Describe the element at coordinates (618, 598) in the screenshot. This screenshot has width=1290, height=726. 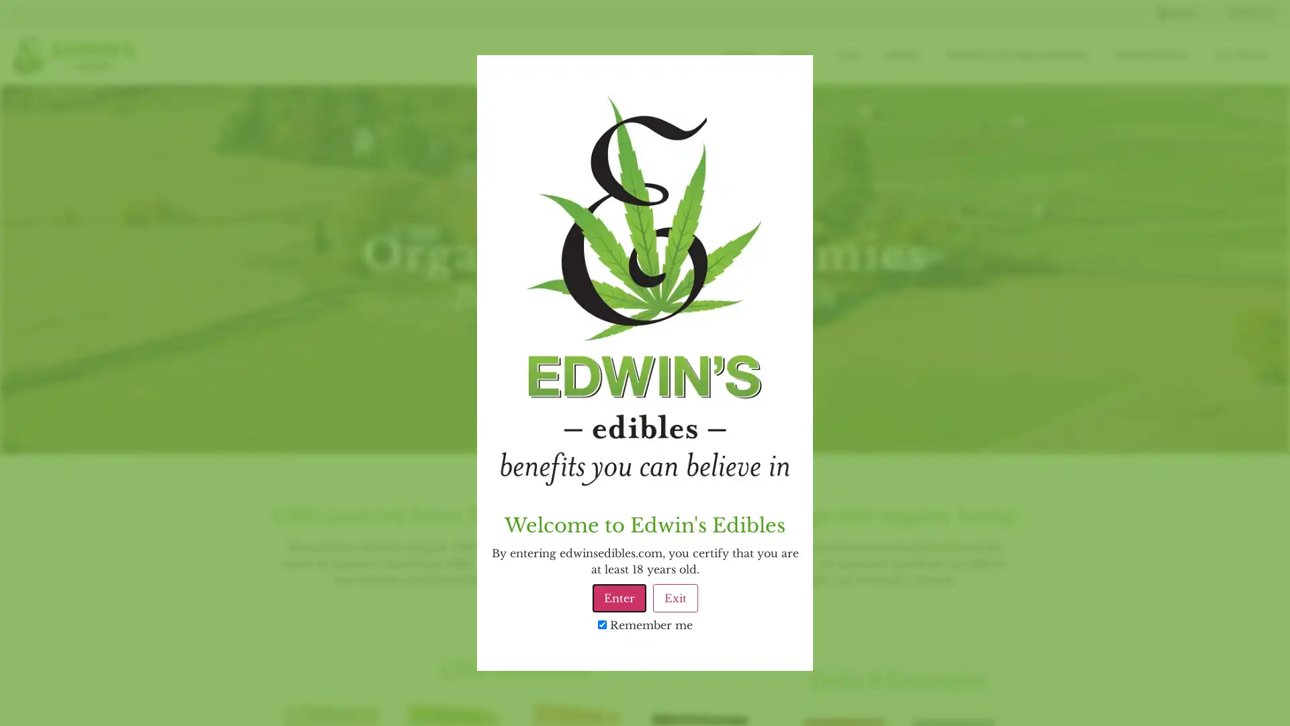
I see `Enter` at that location.